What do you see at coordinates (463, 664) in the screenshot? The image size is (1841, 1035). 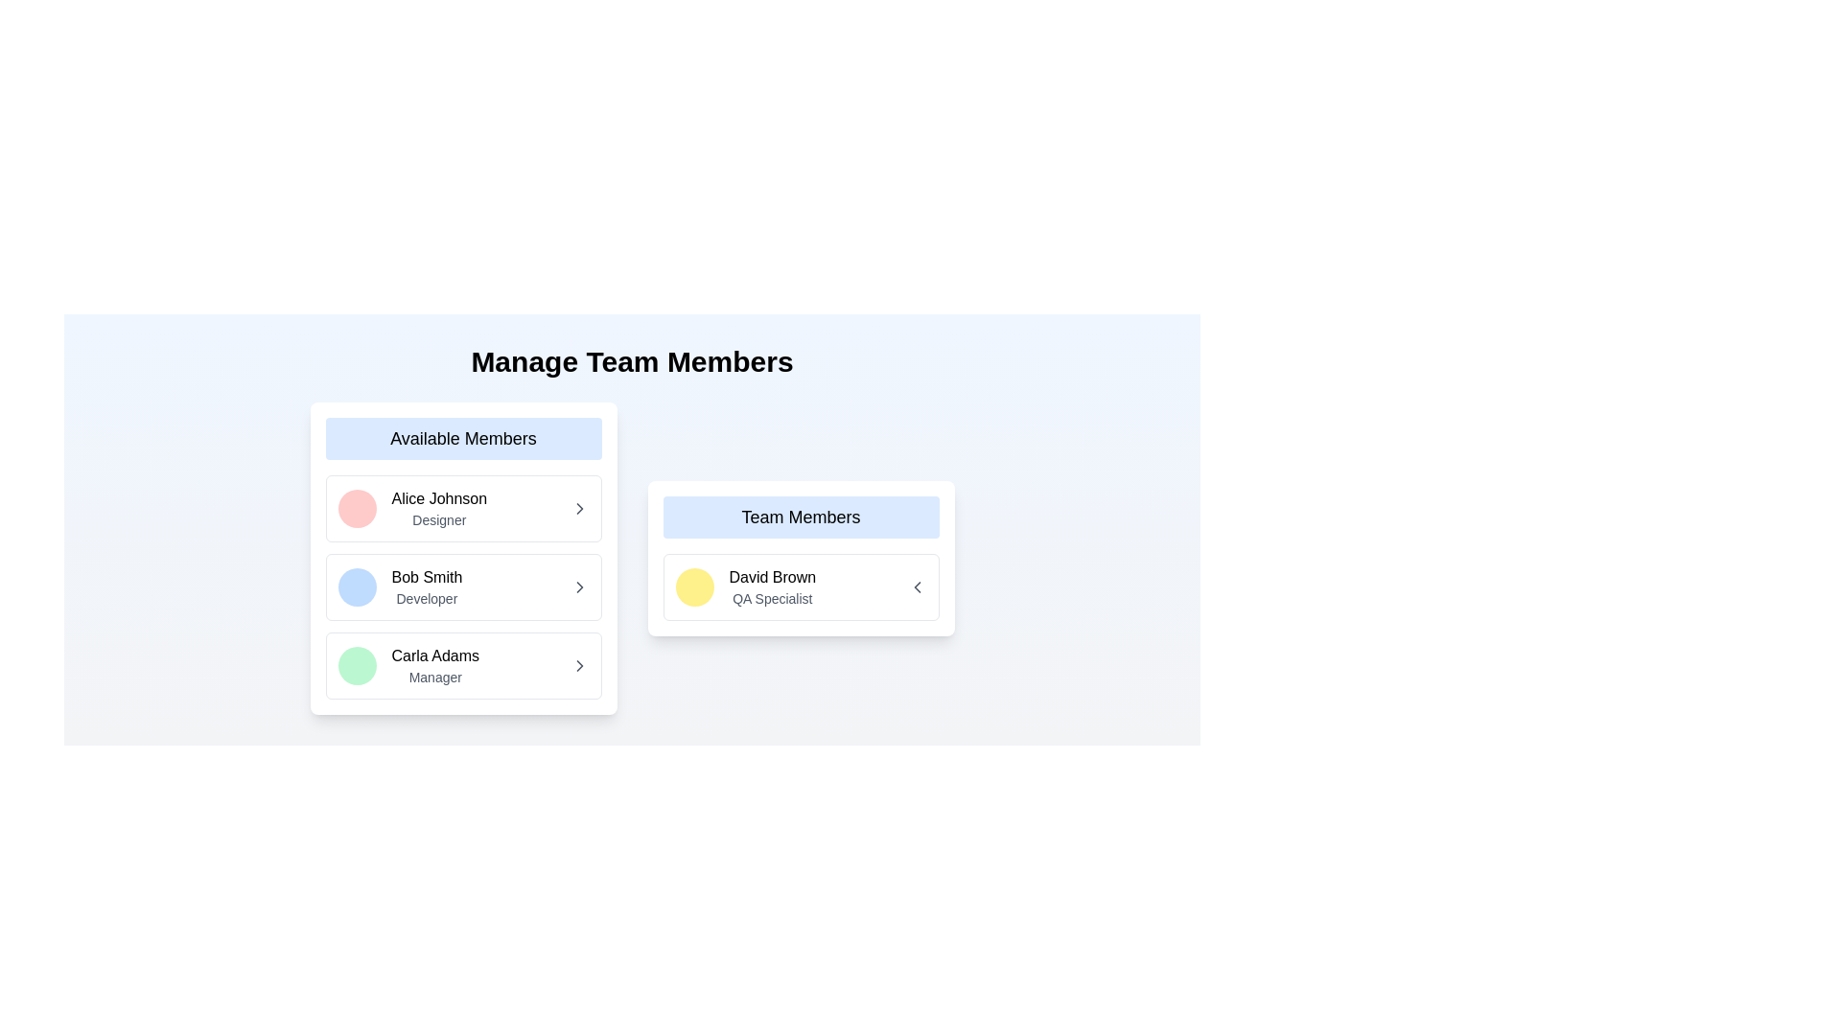 I see `the list item 'Carla Adams'` at bounding box center [463, 664].